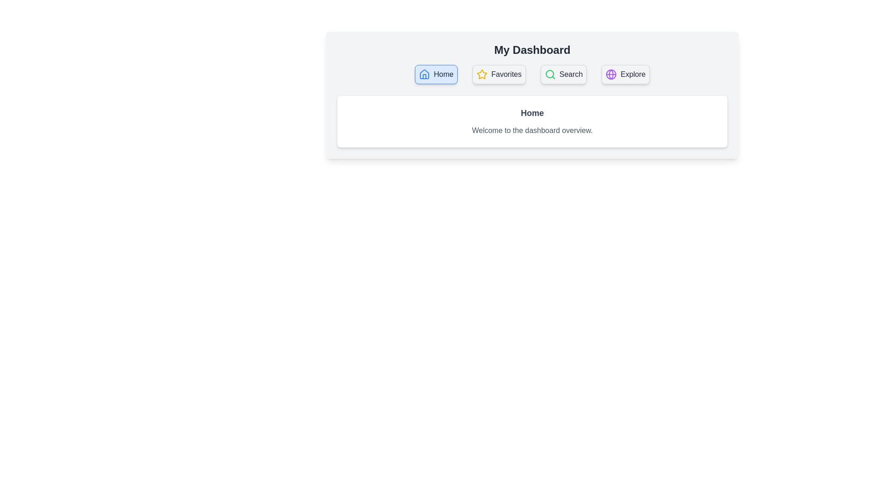  Describe the element at coordinates (436, 74) in the screenshot. I see `the tab Home` at that location.